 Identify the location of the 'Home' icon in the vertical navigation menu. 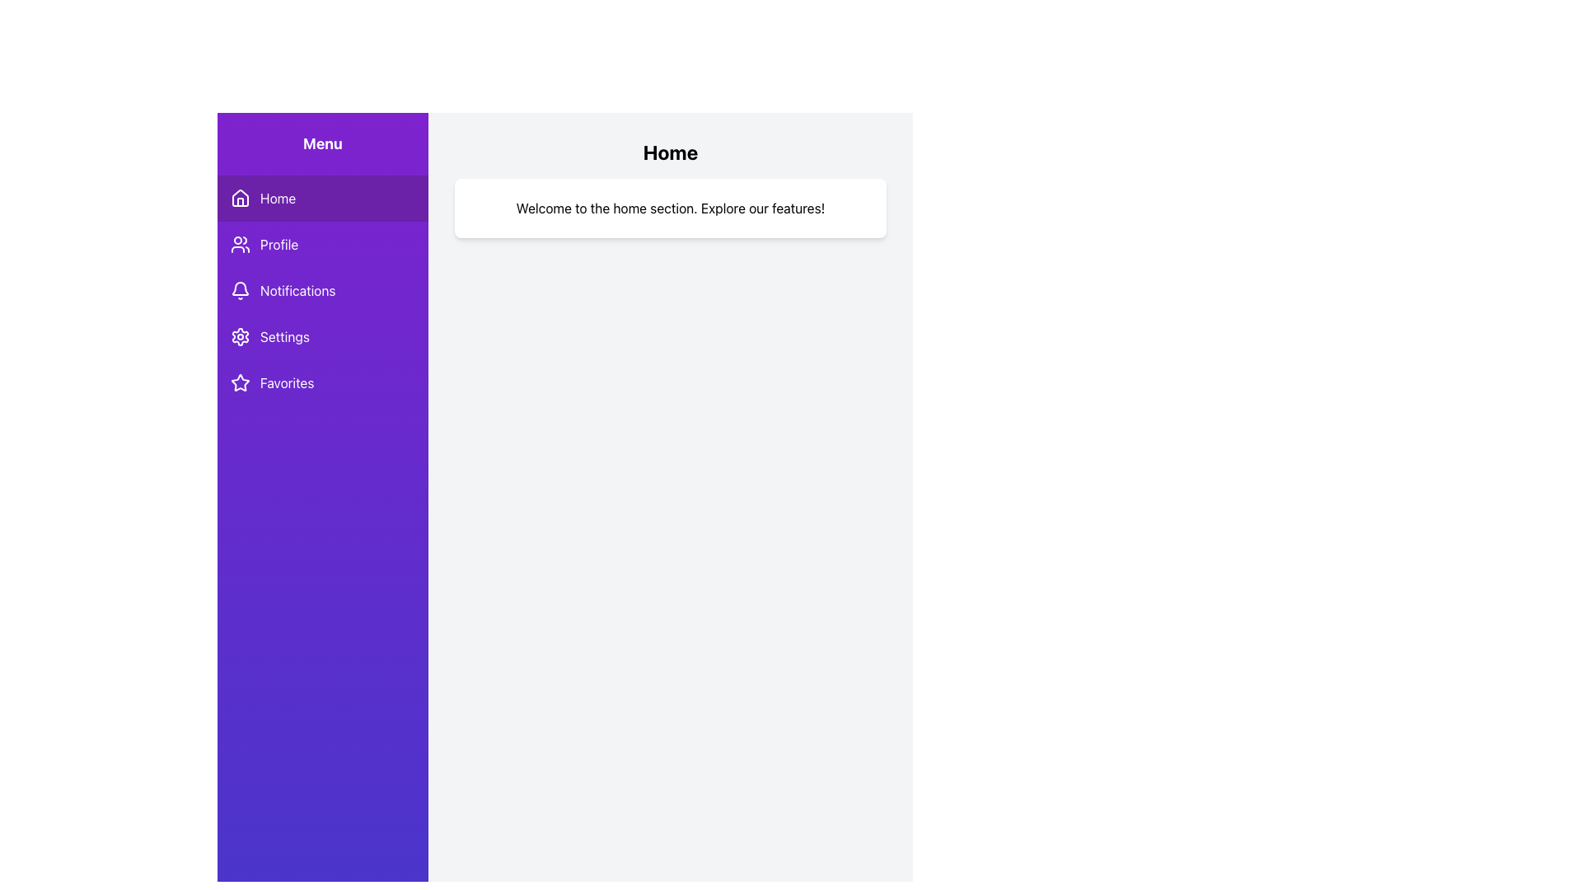
(240, 197).